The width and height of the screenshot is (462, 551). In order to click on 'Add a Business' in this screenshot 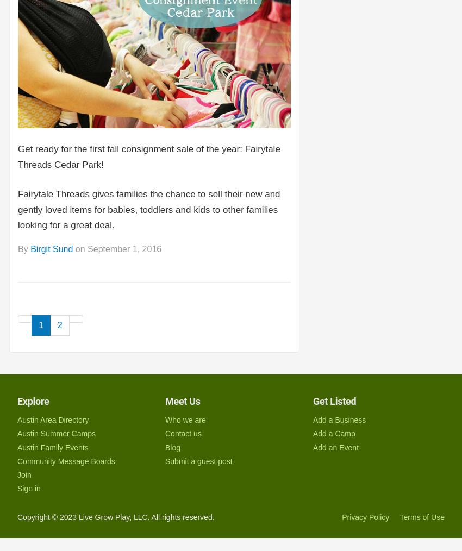, I will do `click(338, 419)`.